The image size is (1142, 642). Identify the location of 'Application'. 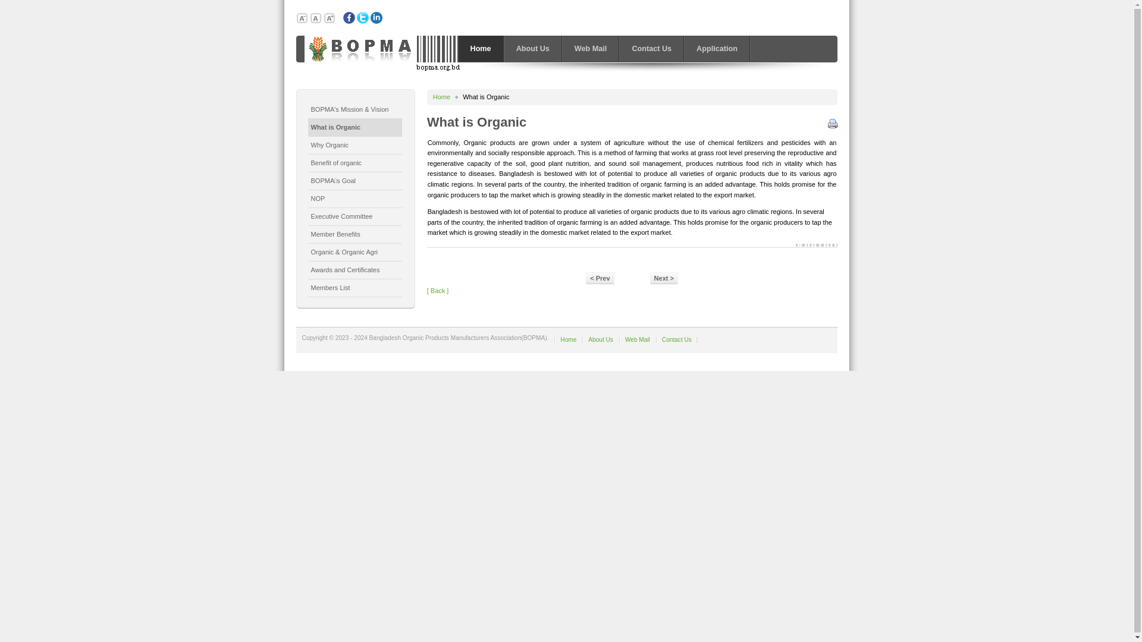
(716, 48).